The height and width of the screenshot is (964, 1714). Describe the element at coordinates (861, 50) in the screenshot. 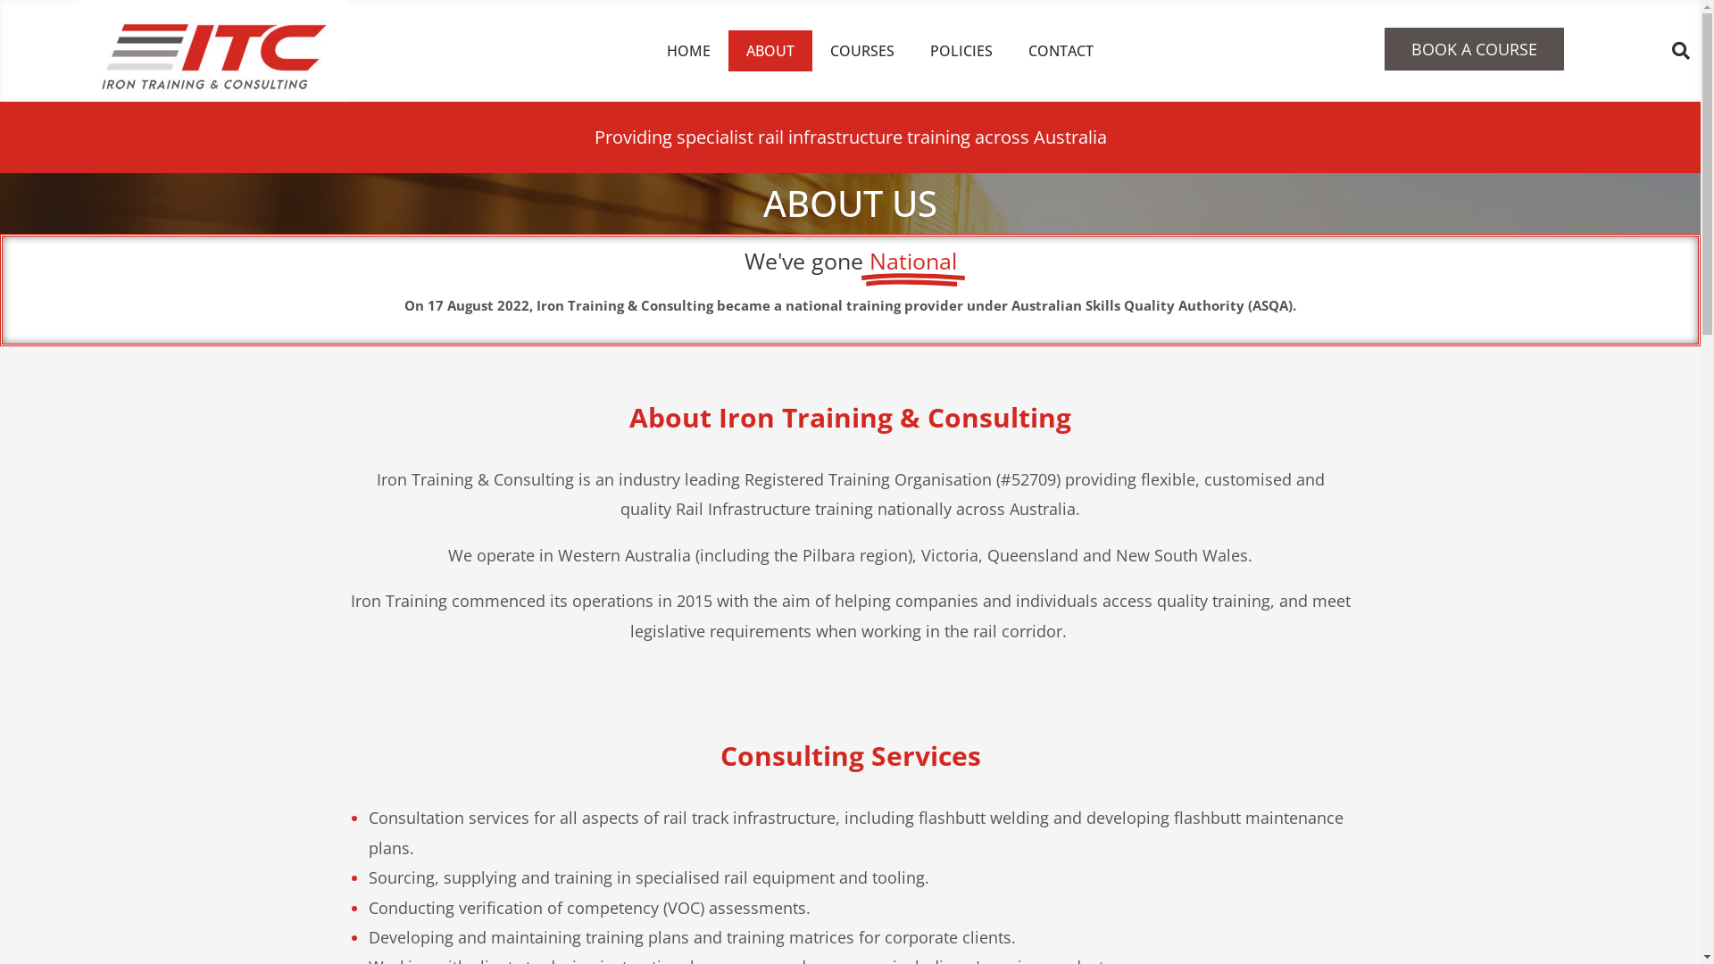

I see `'COURSES'` at that location.